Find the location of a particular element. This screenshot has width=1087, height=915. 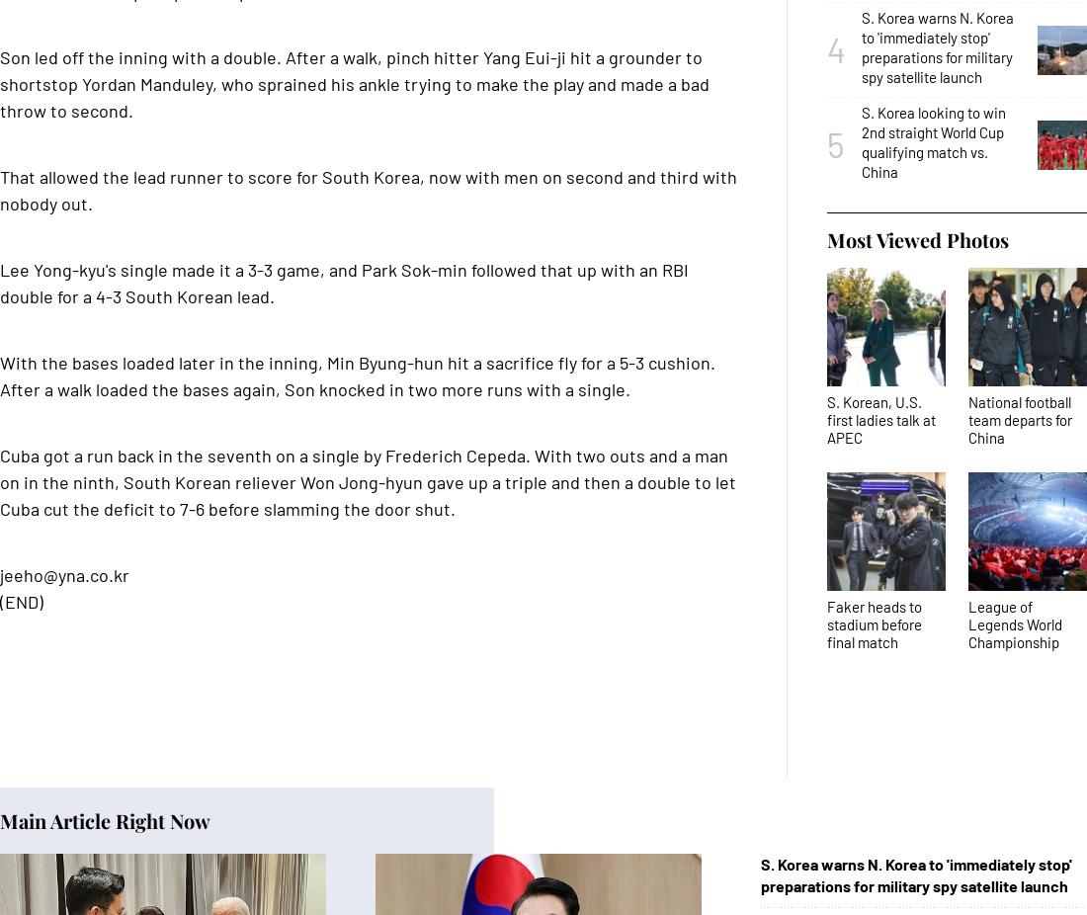

'League of Legends World Championship' is located at coordinates (1014, 623).